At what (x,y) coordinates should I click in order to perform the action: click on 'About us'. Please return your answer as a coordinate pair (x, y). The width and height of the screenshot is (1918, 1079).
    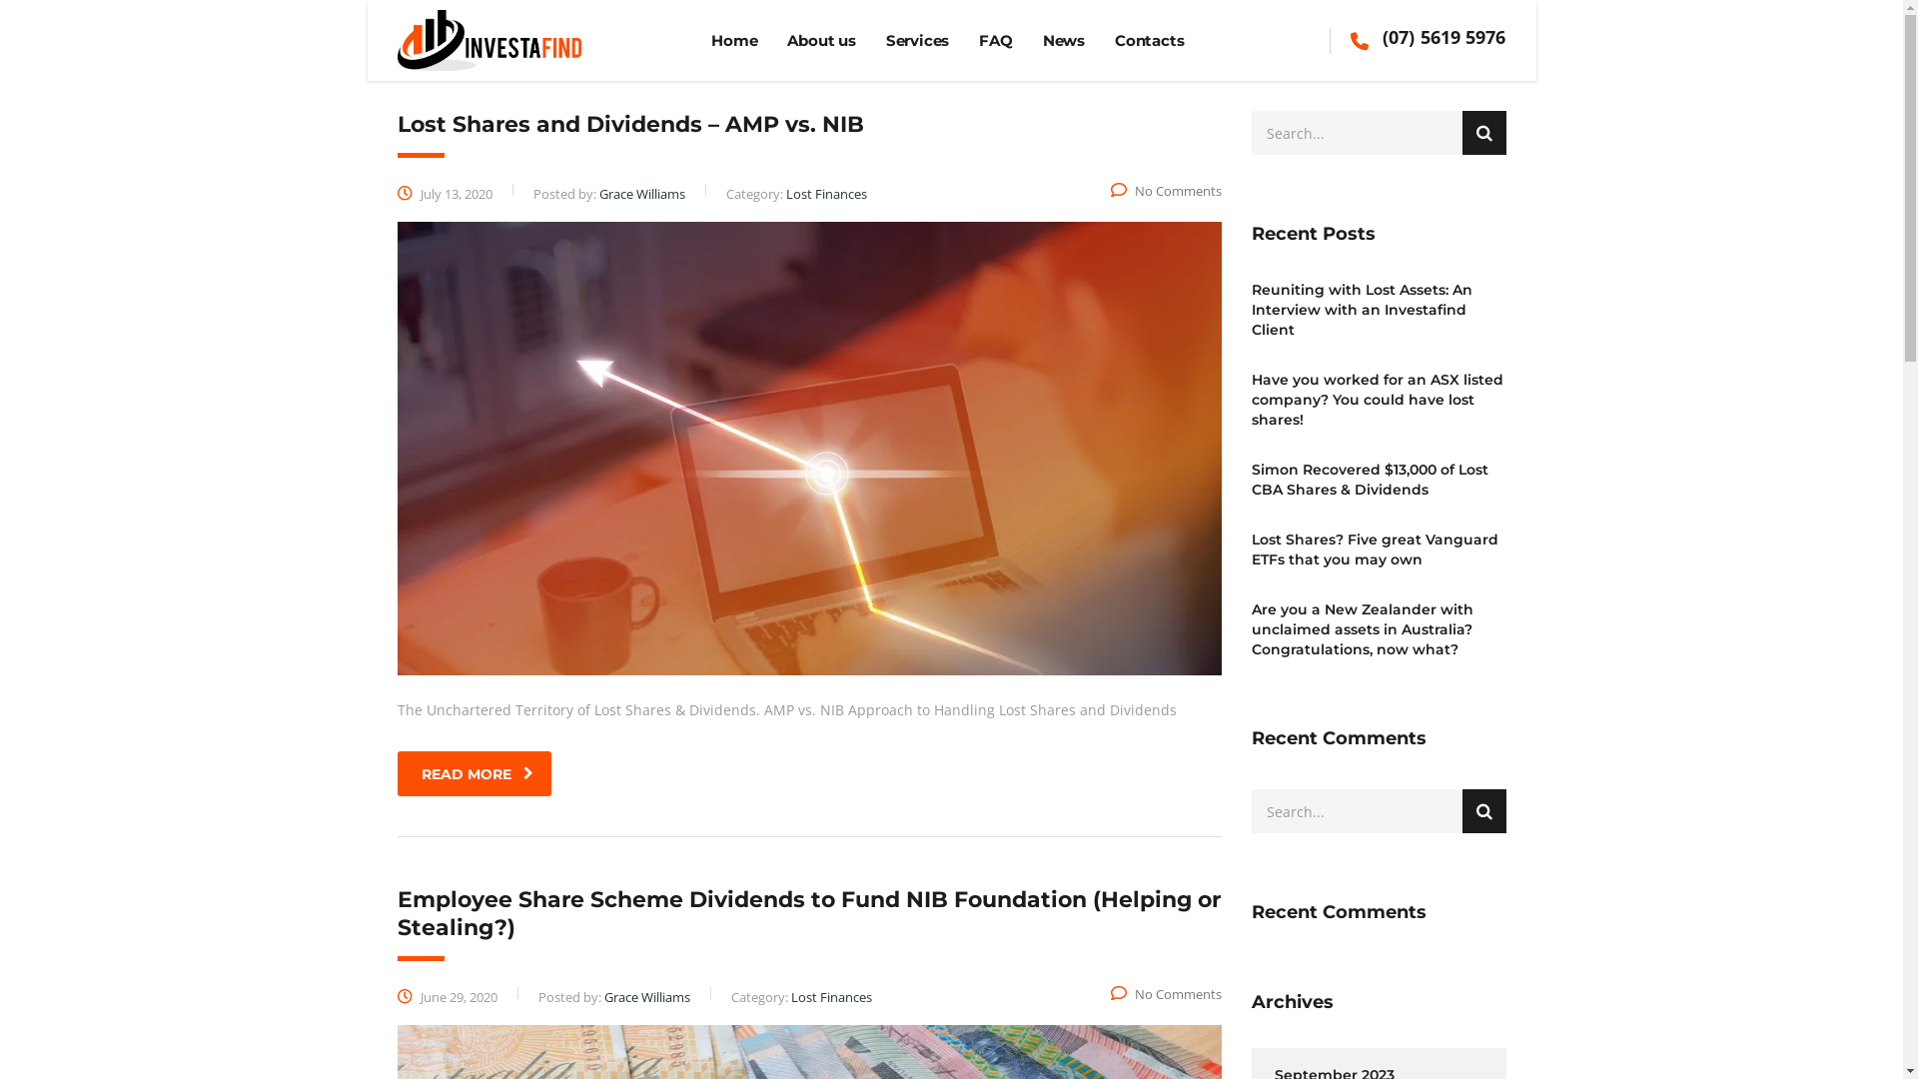
    Looking at the image, I should click on (820, 41).